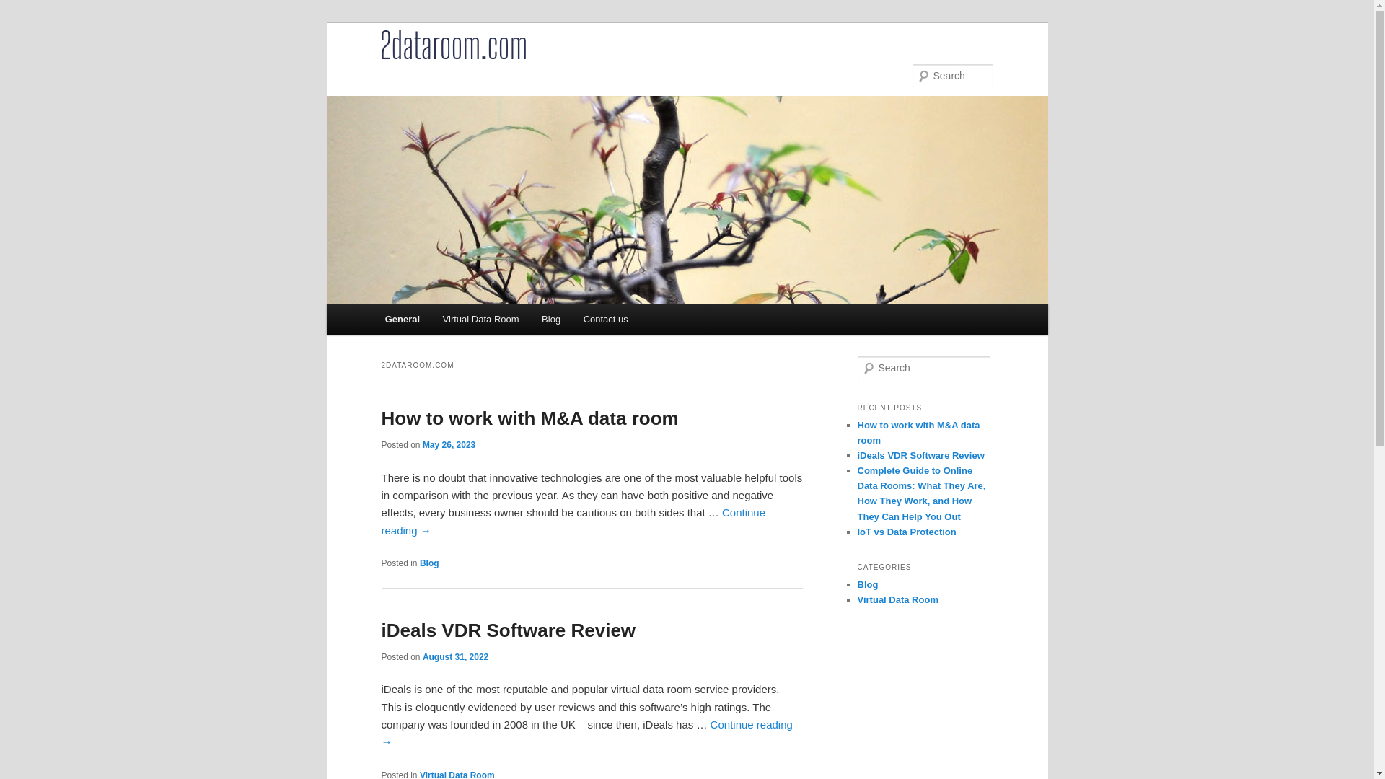  Describe the element at coordinates (421, 444) in the screenshot. I see `'May 26, 2023'` at that location.